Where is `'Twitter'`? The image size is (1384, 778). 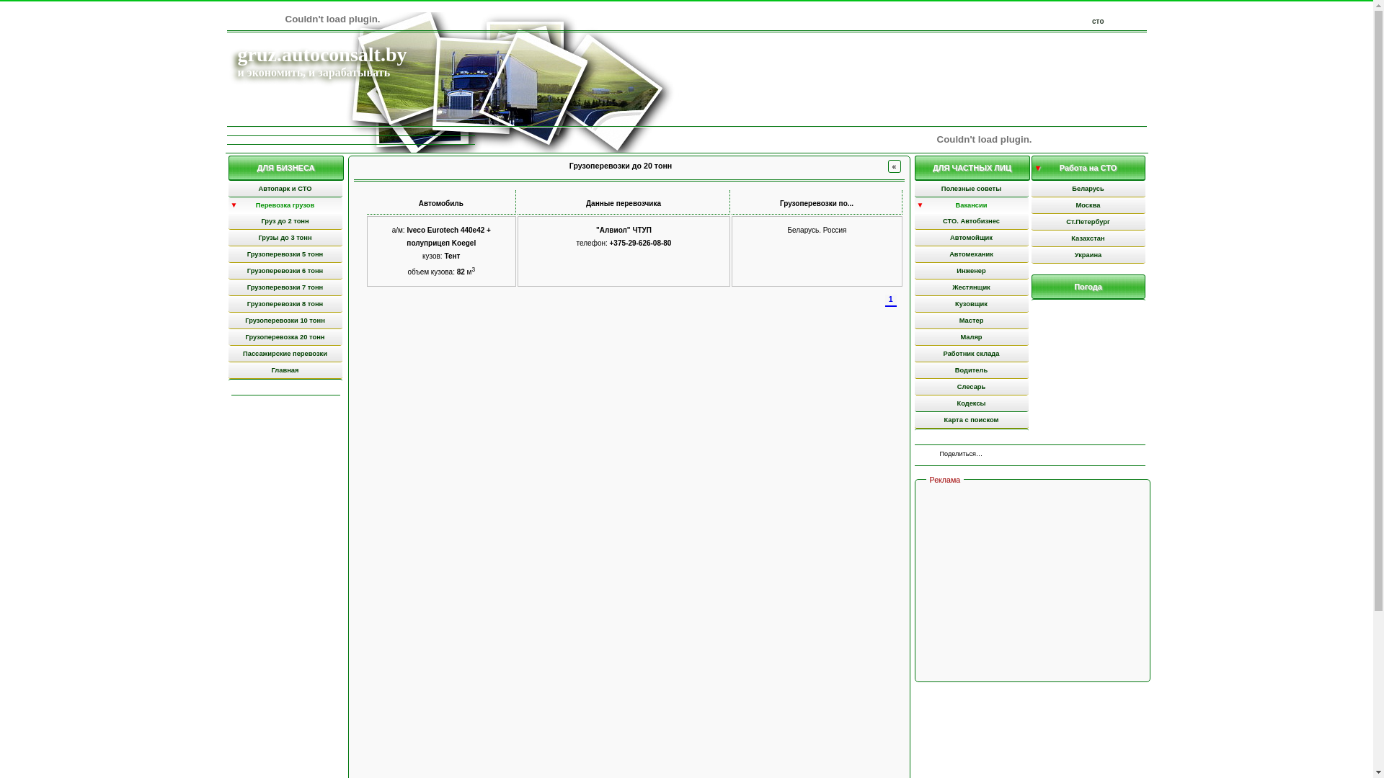 'Twitter' is located at coordinates (1019, 455).